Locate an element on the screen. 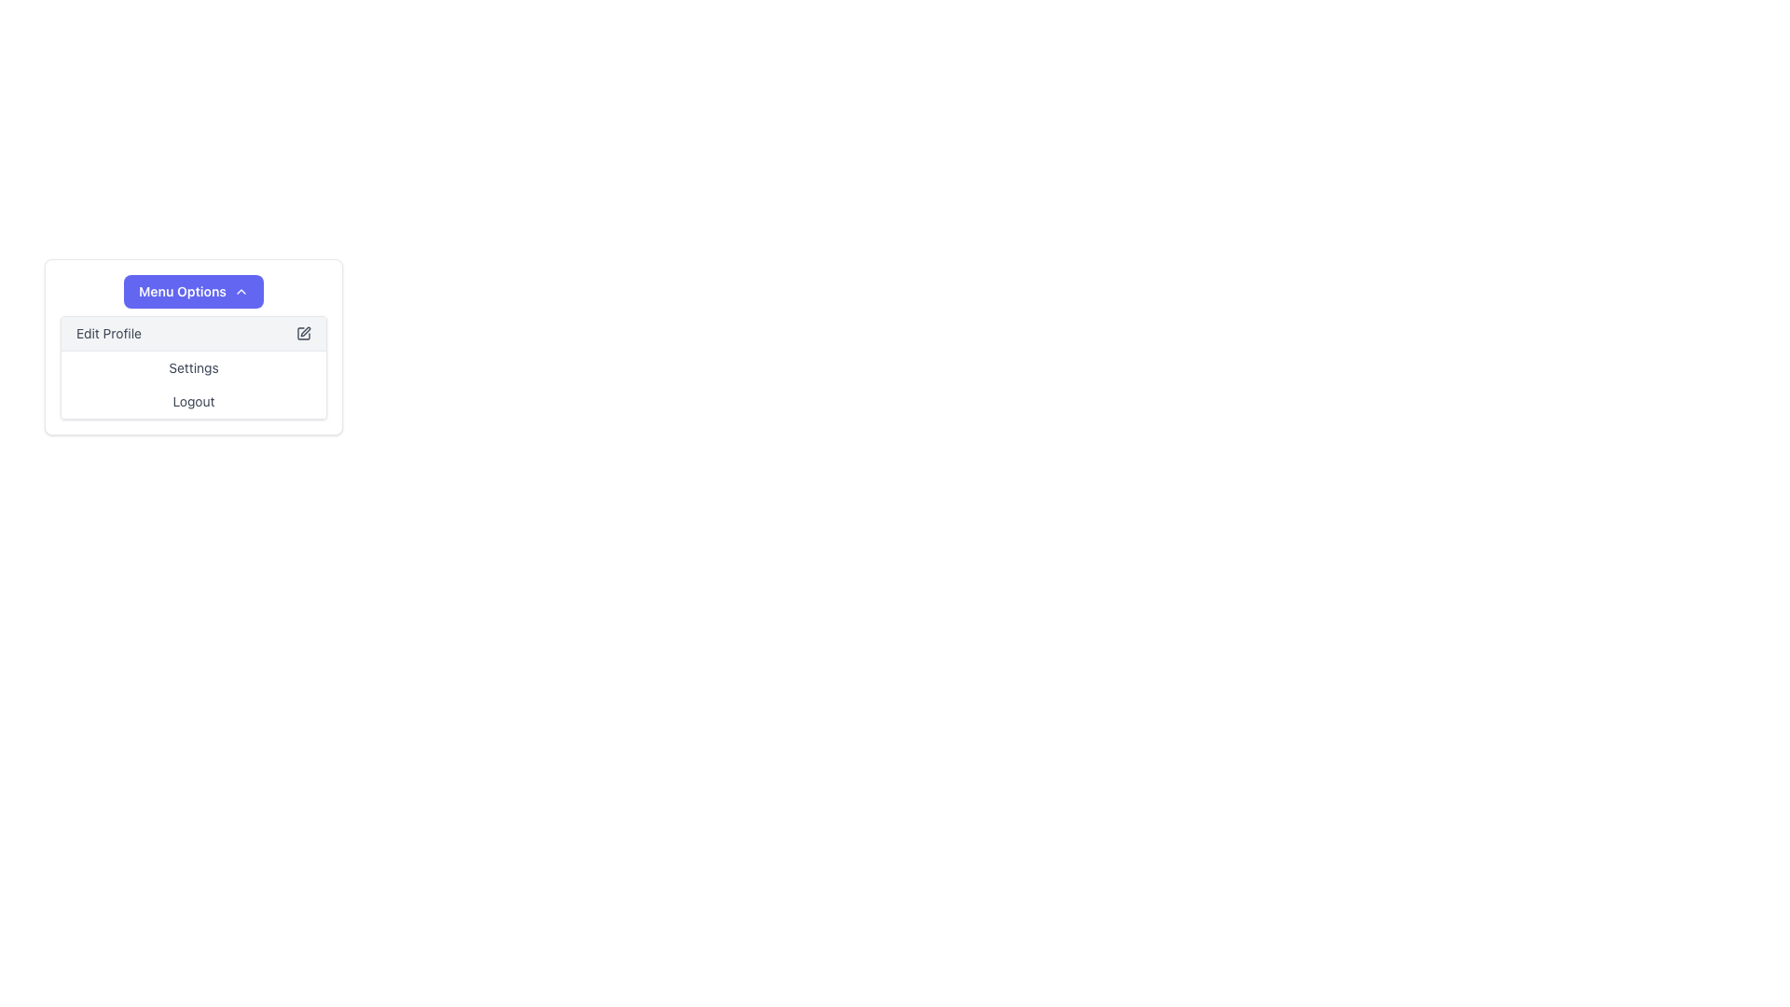 The width and height of the screenshot is (1790, 1007). the Text Button in the dropdown menu is located at coordinates (193, 367).